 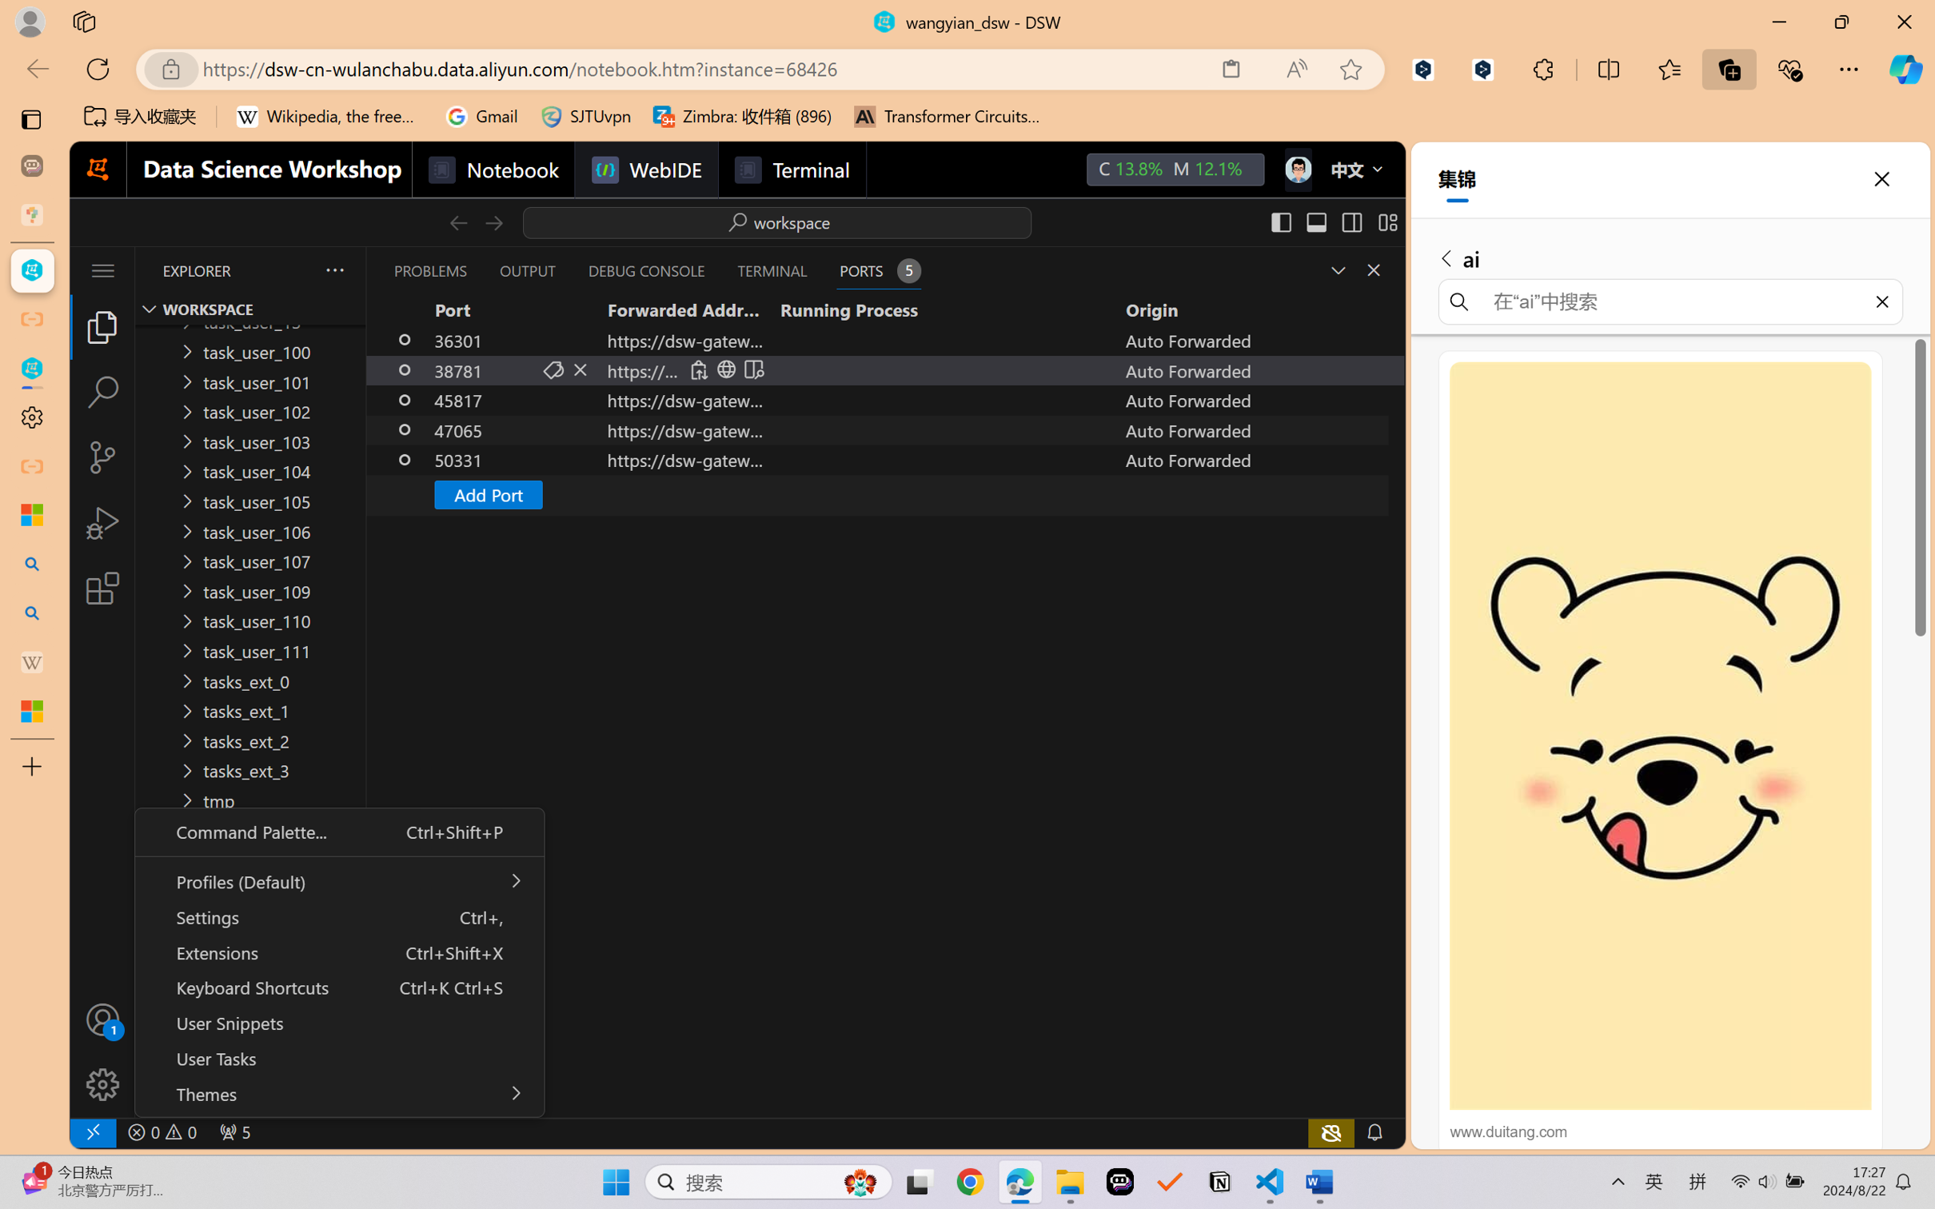 I want to click on 'Class: actions-container', so click(x=725, y=369).